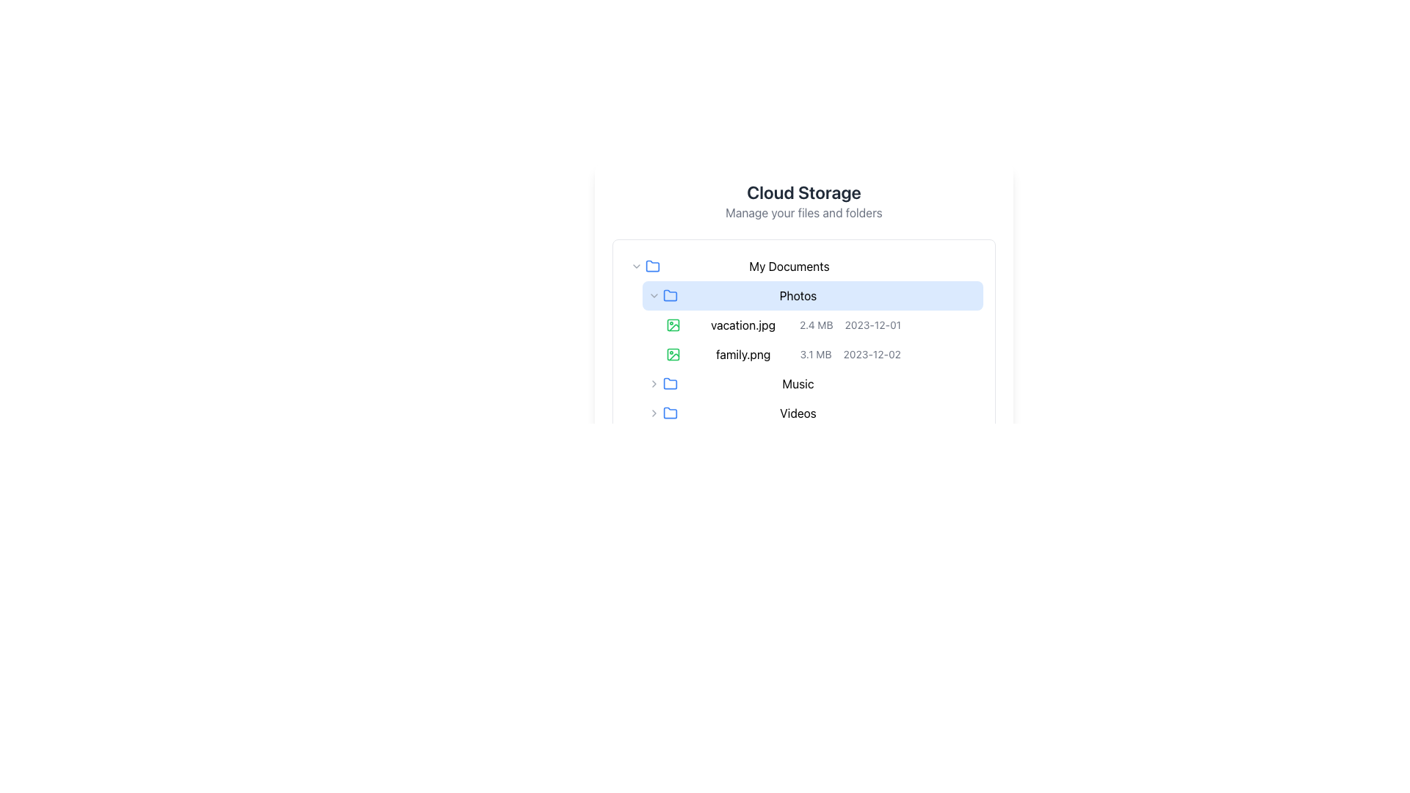 This screenshot has height=793, width=1410. What do you see at coordinates (803, 266) in the screenshot?
I see `the 'My Documents' expandable folder item, which is the first item under the 'Cloud Storage' header` at bounding box center [803, 266].